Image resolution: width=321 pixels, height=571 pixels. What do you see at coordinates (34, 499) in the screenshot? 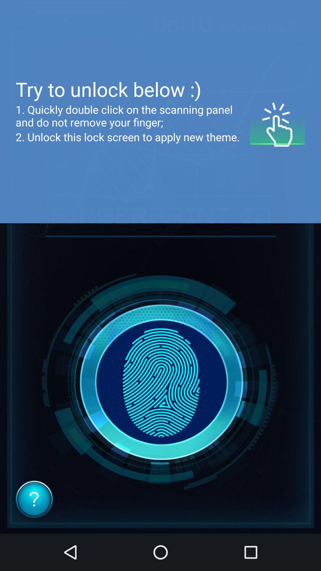
I see `the help icon` at bounding box center [34, 499].